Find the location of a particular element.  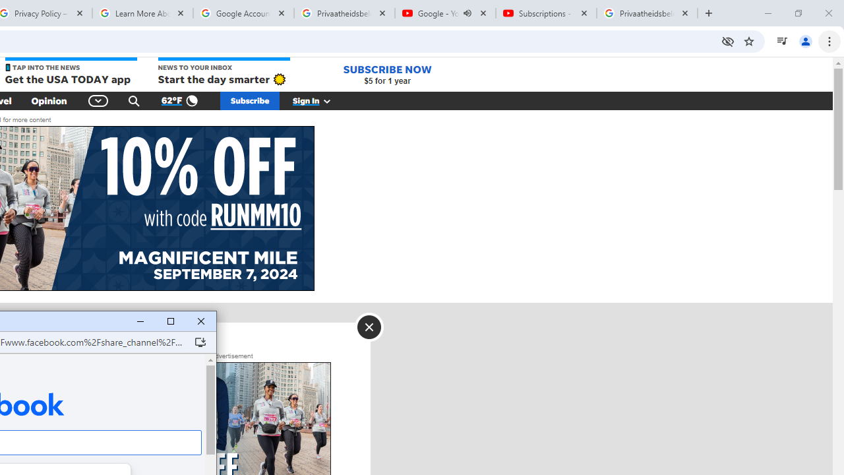

'Subscriptions - YouTube' is located at coordinates (546, 13).